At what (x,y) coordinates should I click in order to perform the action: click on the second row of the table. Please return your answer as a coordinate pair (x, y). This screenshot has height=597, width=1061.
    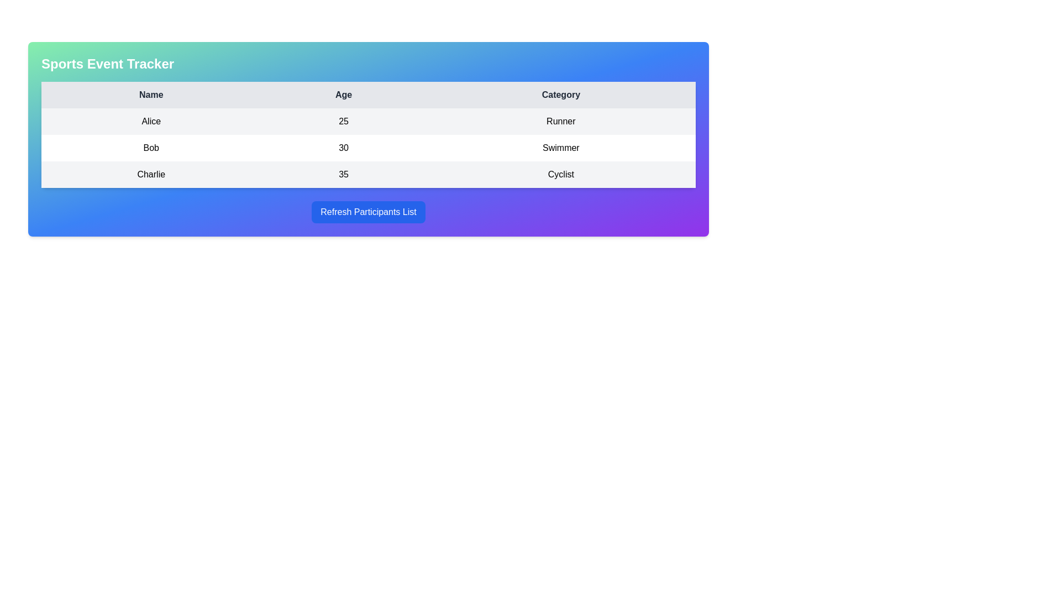
    Looking at the image, I should click on (369, 147).